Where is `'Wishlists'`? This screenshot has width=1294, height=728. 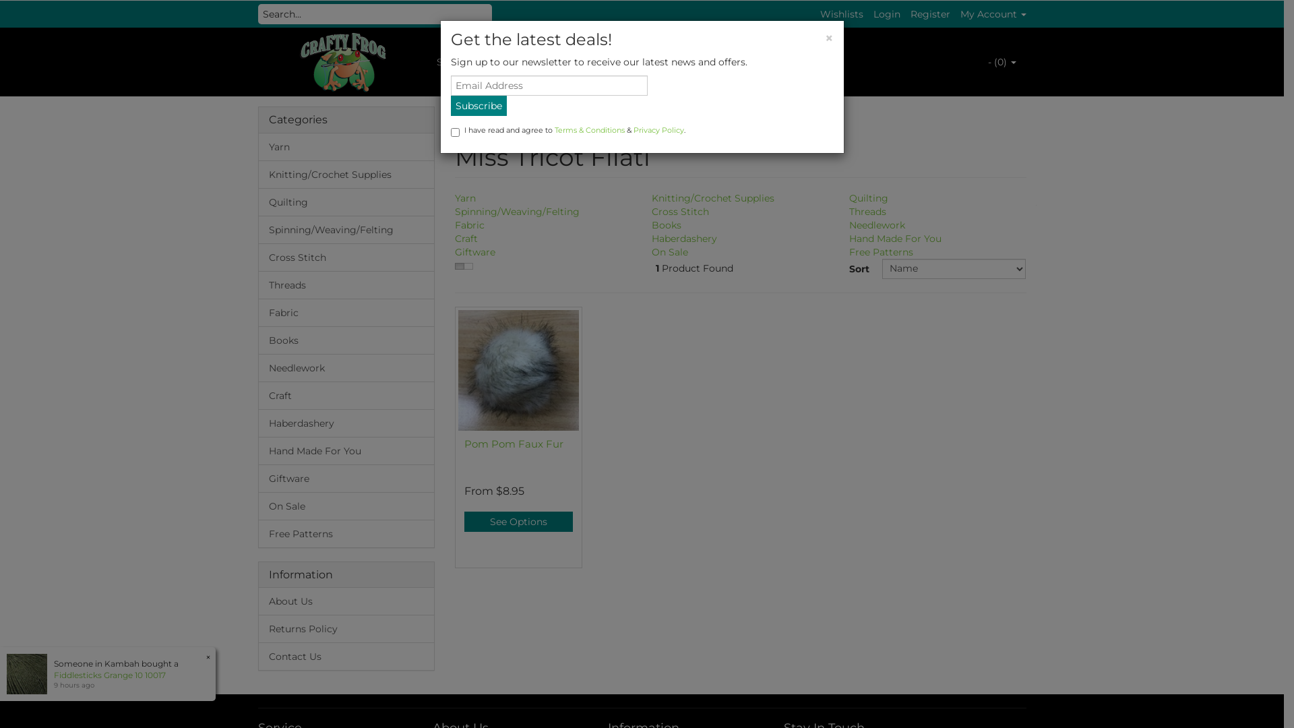 'Wishlists' is located at coordinates (840, 13).